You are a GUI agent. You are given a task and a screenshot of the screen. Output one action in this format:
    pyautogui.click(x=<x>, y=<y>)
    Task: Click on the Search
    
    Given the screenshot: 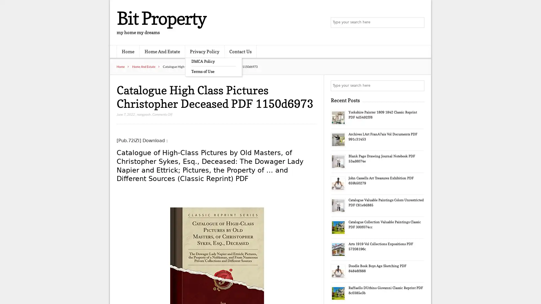 What is the action you would take?
    pyautogui.click(x=418, y=23)
    